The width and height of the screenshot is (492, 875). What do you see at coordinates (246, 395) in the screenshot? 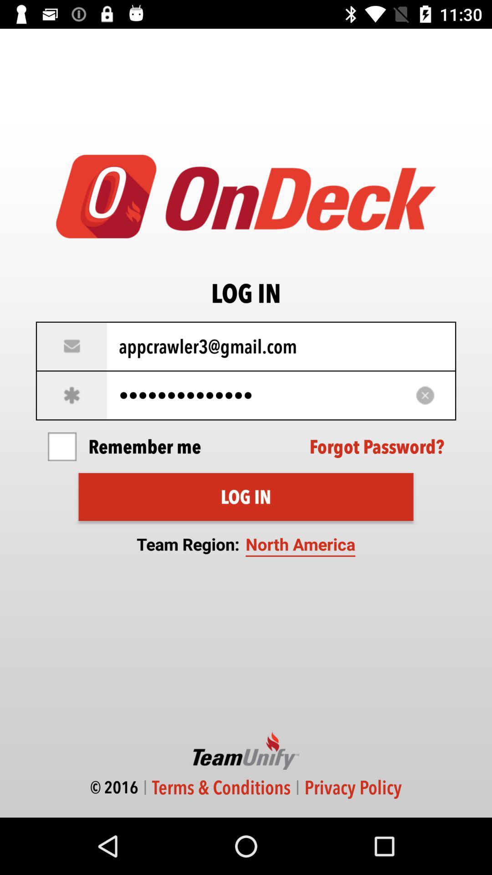
I see `the icon below appcrawler3@gmail.com icon` at bounding box center [246, 395].